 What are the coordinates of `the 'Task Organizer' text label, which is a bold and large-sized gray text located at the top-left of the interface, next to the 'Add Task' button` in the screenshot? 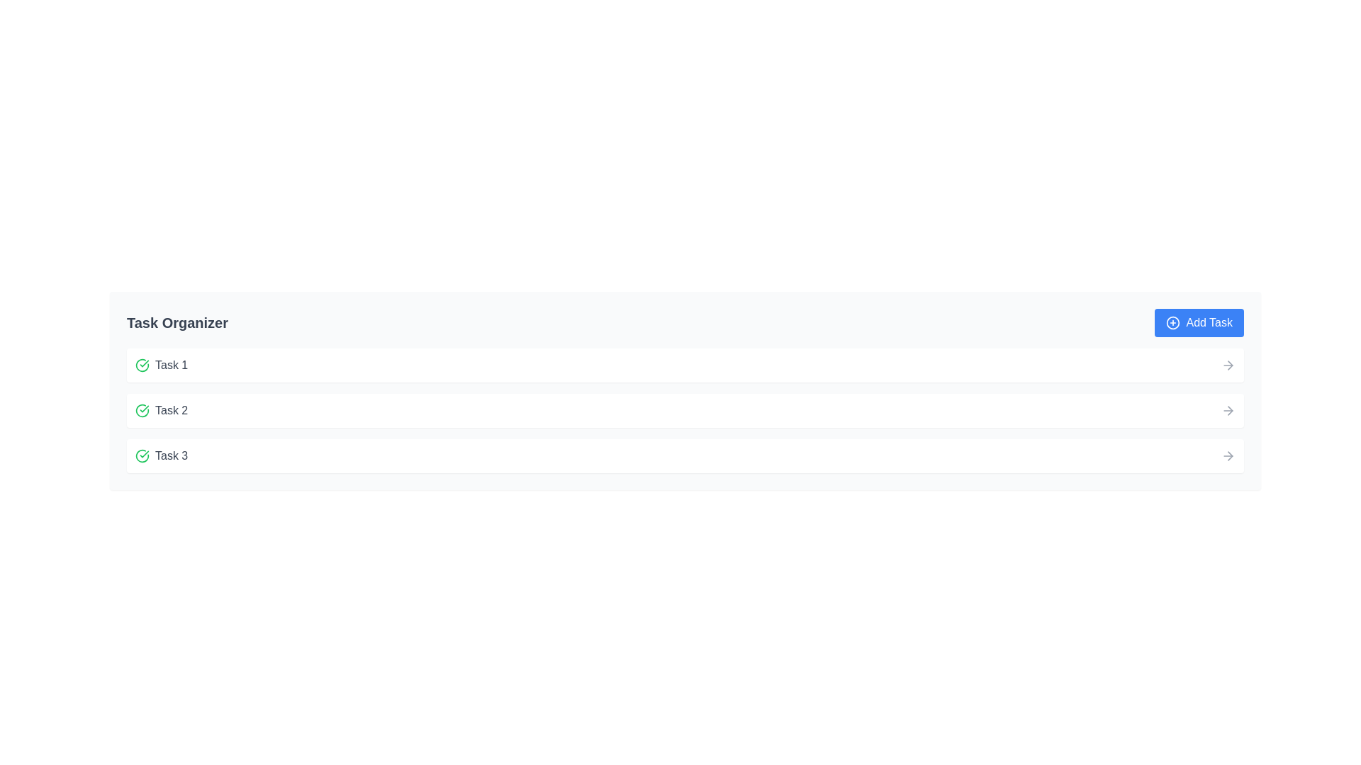 It's located at (177, 322).